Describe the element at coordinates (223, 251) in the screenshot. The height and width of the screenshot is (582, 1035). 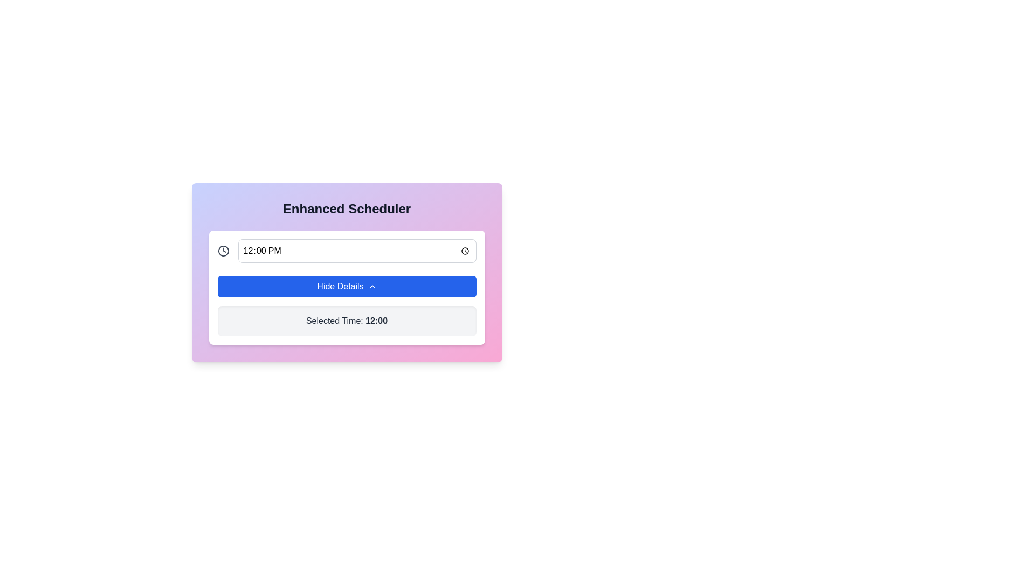
I see `the clock SVG icon, which serves as a visual indicator for the time input field, positioned at the leftmost side of the row` at that location.